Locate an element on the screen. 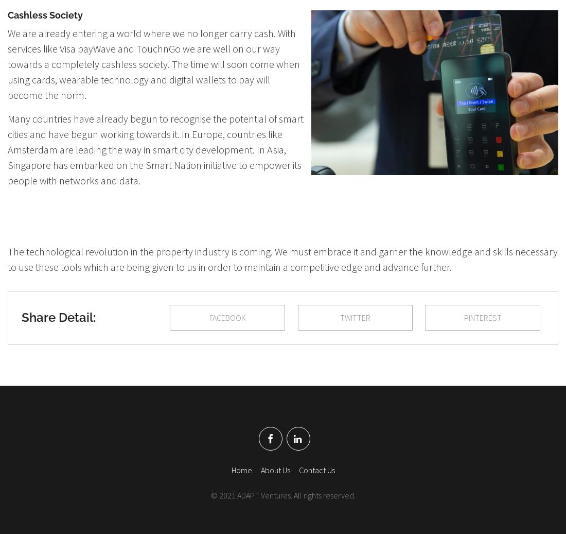 This screenshot has width=566, height=534. '© 2021 ADAPT Ventures. All rights reserved.' is located at coordinates (282, 494).